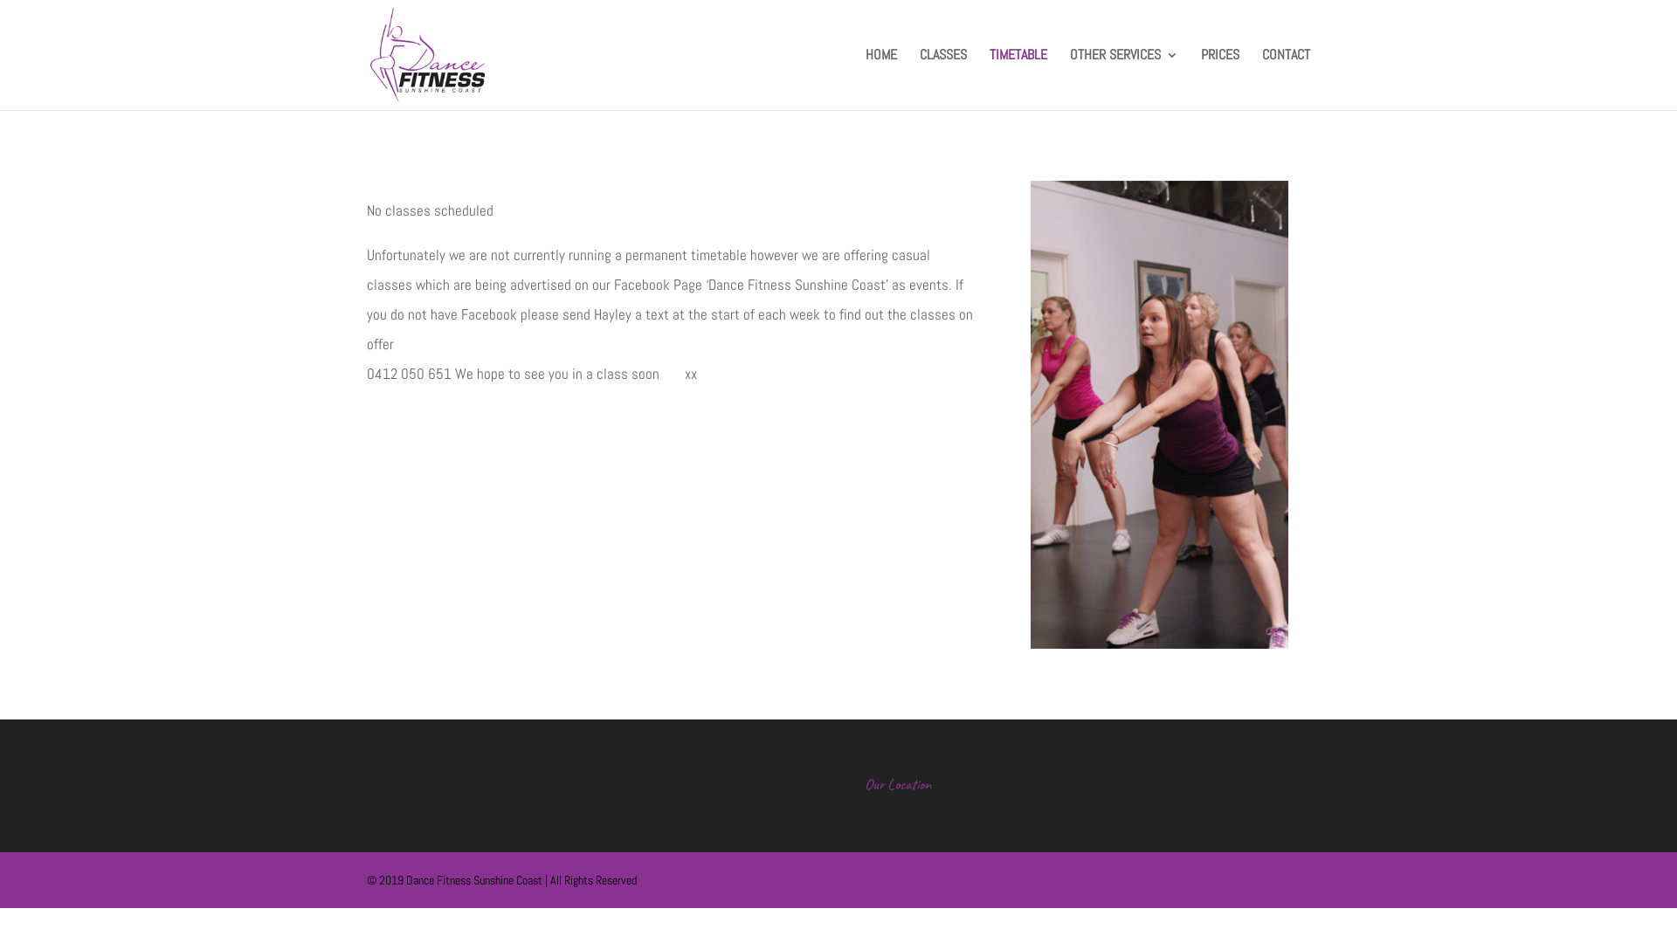  Describe the element at coordinates (1018, 79) in the screenshot. I see `'TIMETABLE'` at that location.